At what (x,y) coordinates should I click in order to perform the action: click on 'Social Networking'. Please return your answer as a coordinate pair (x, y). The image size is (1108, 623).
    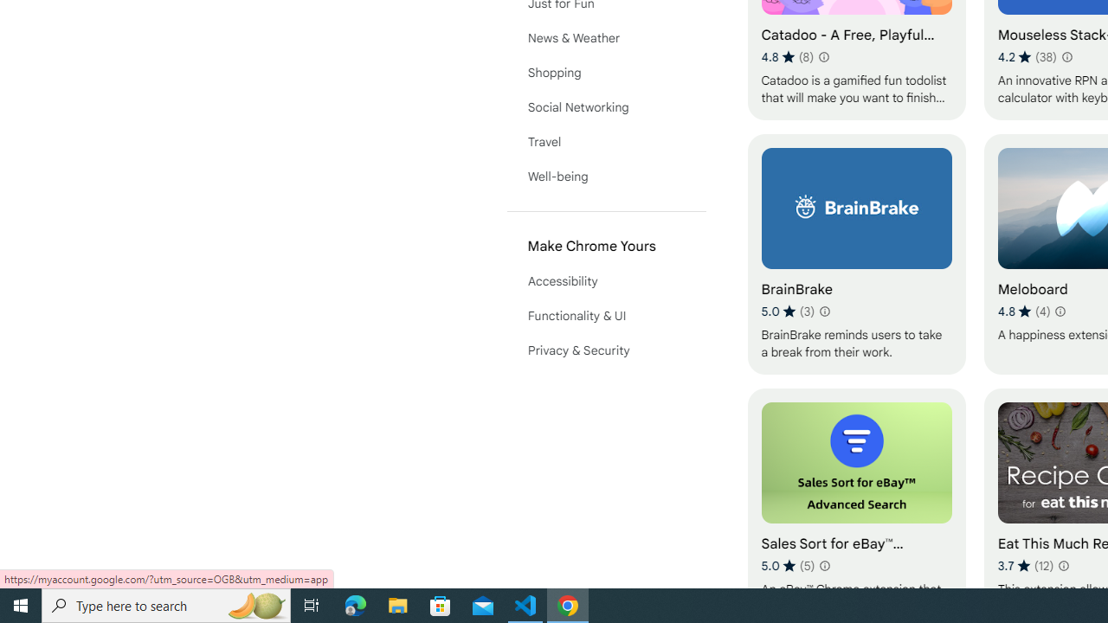
    Looking at the image, I should click on (606, 106).